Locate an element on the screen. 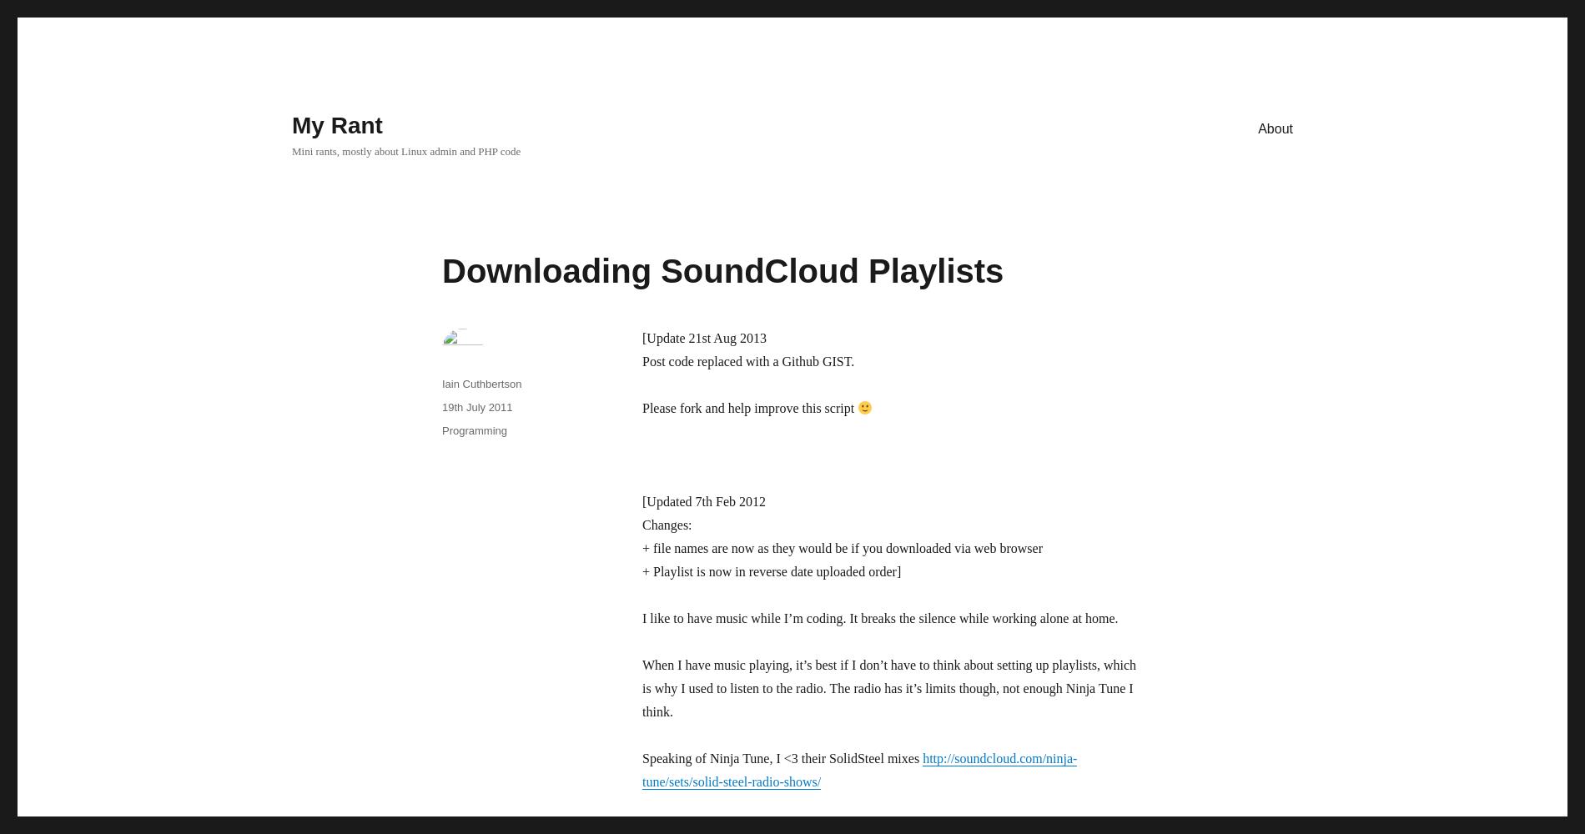 This screenshot has height=834, width=1585. '+ file names are now as they would be if you downloaded via web browser' is located at coordinates (642, 548).